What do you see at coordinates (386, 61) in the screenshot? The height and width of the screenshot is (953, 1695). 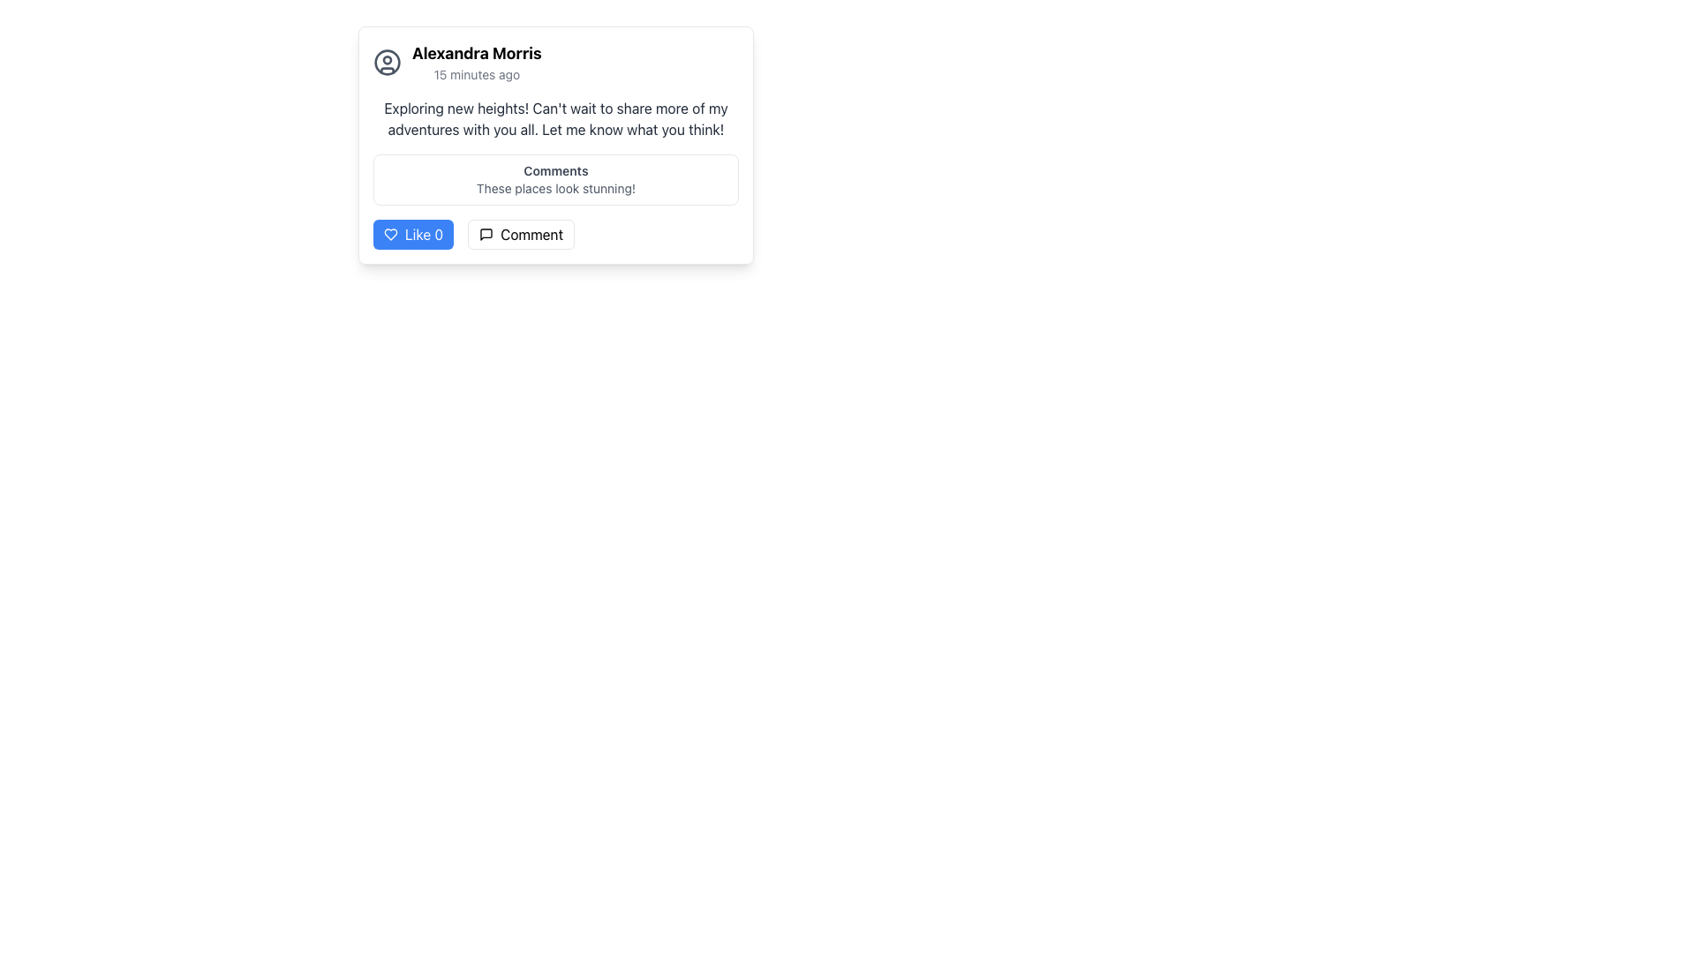 I see `the user profile icon located in the user header section of the post card` at bounding box center [386, 61].